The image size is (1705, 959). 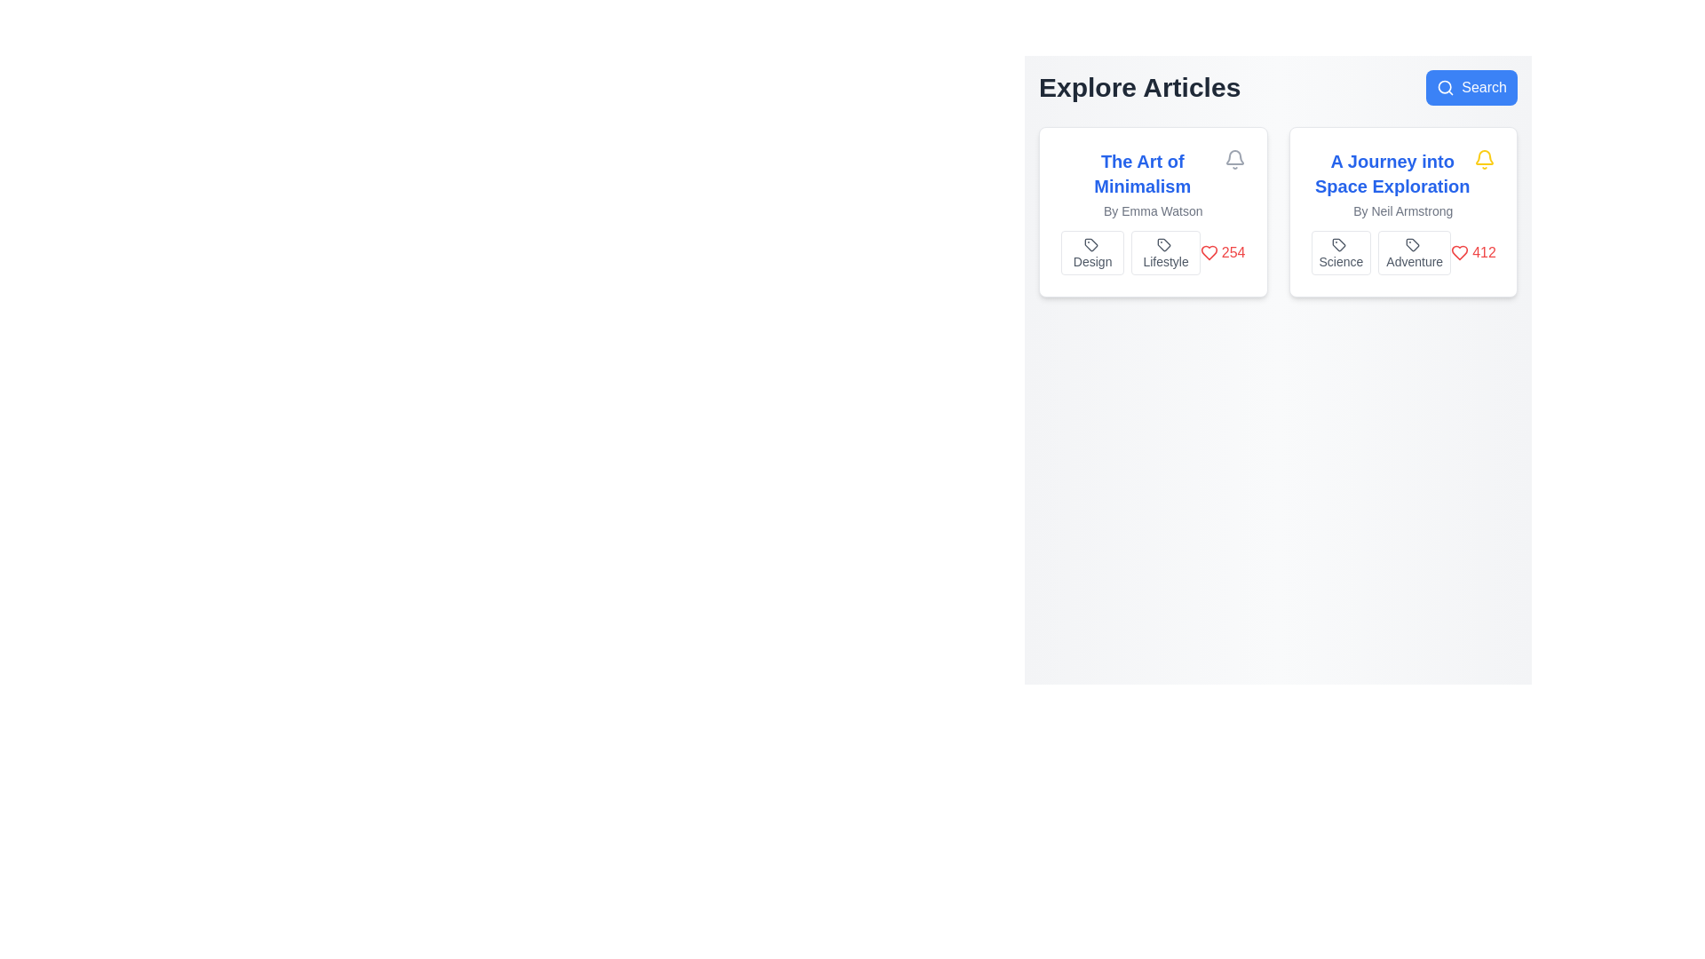 What do you see at coordinates (1130, 253) in the screenshot?
I see `the tag group element containing the 'Design' and 'Lifestyle' tags to filter content by category` at bounding box center [1130, 253].